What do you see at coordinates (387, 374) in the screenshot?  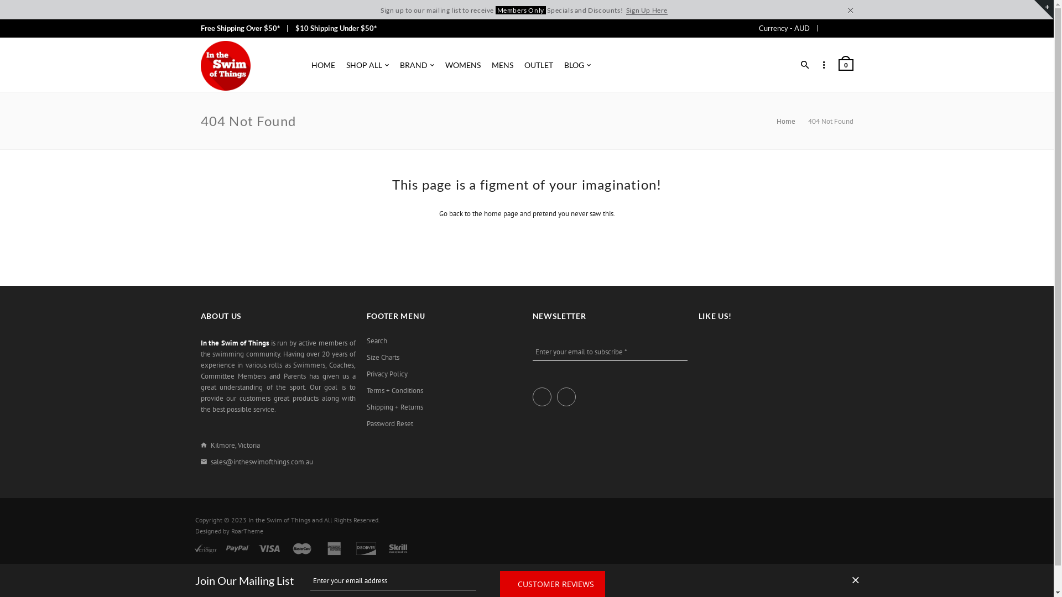 I see `'Privacy Policy'` at bounding box center [387, 374].